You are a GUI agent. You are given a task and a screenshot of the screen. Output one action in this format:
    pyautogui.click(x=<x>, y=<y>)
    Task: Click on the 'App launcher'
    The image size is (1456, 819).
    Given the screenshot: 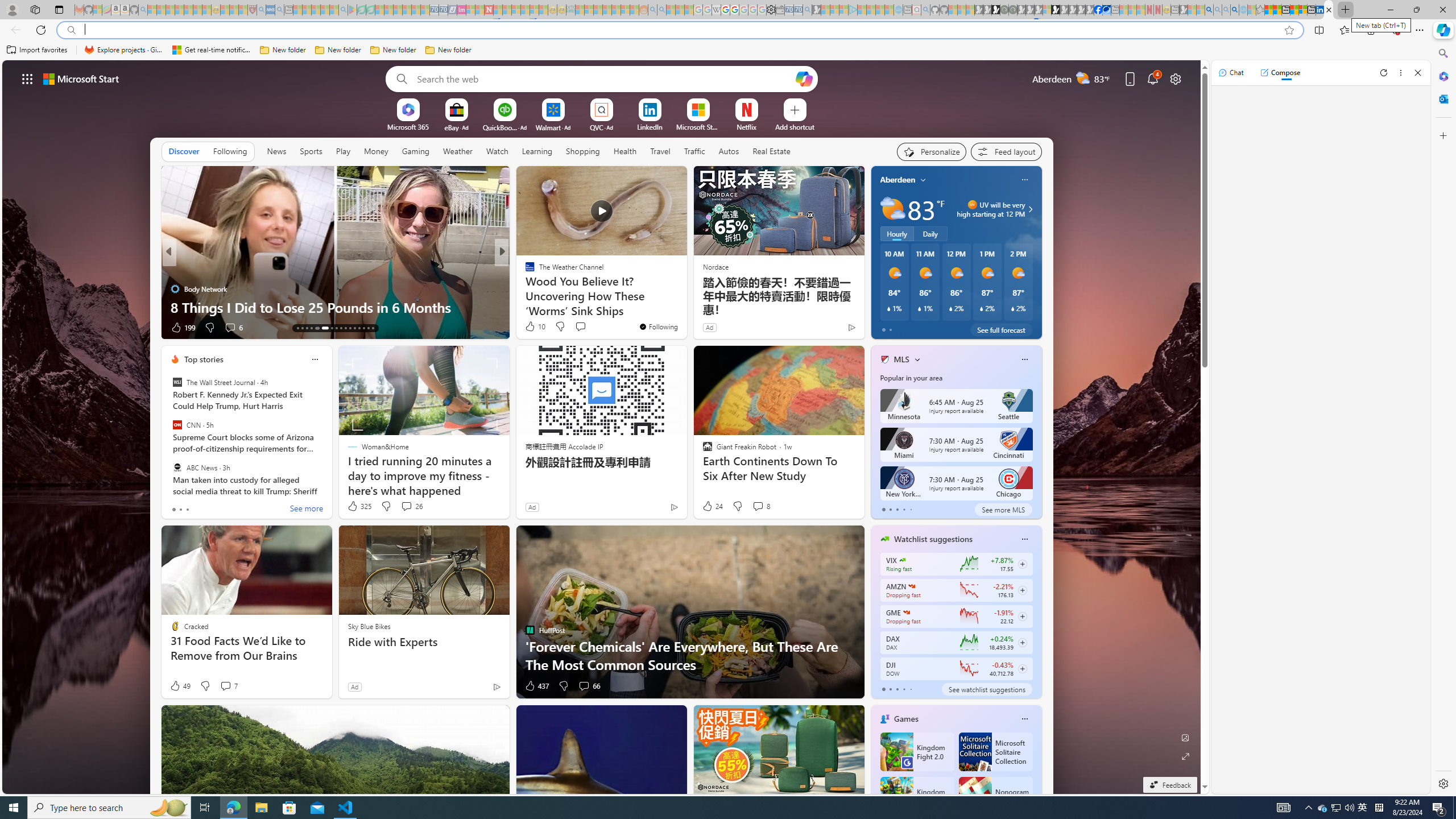 What is the action you would take?
    pyautogui.click(x=27, y=78)
    